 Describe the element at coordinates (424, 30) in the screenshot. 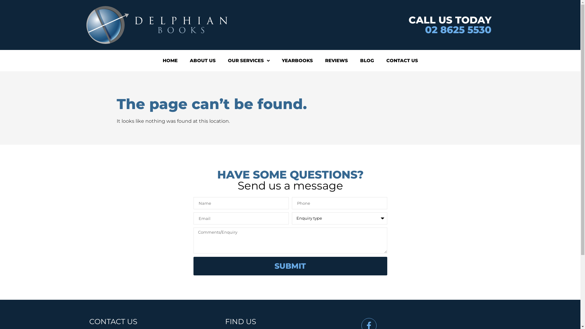

I see `'02 8625 5530'` at that location.